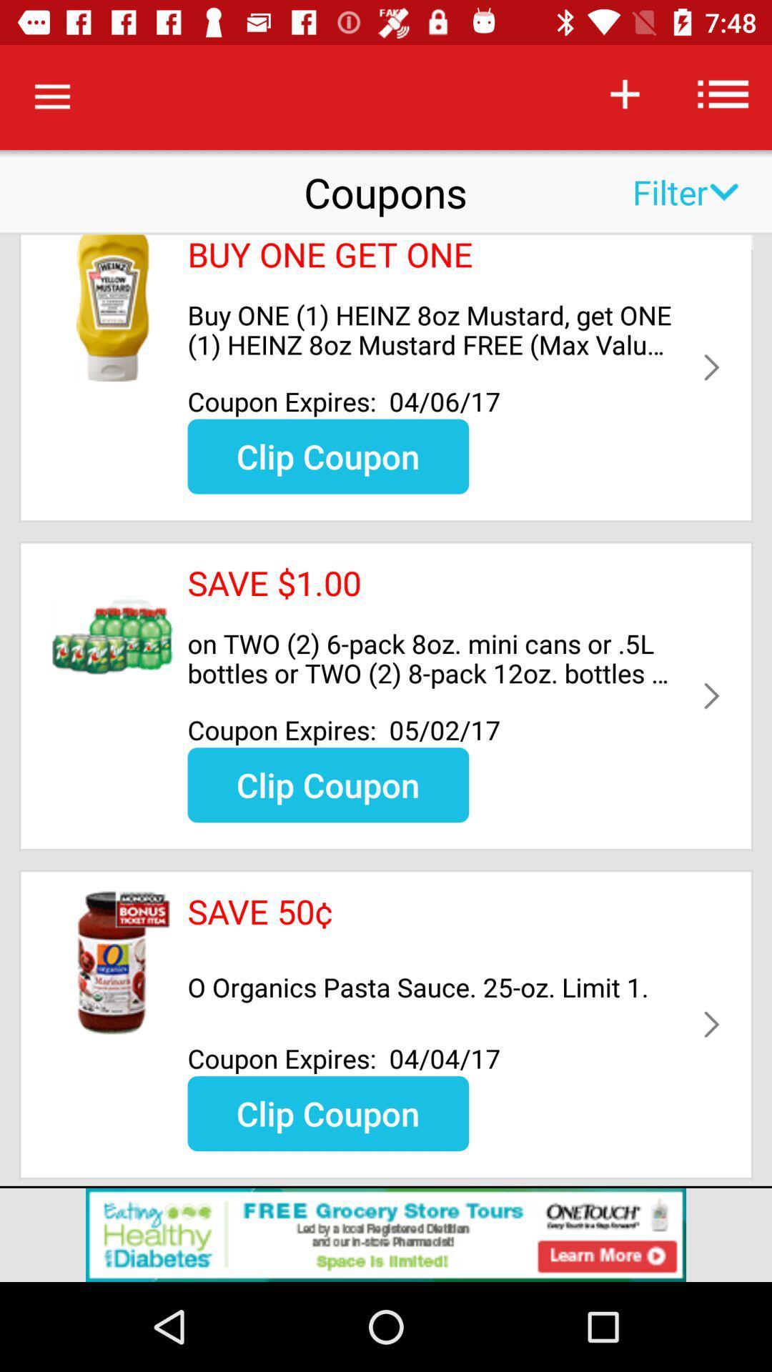 The height and width of the screenshot is (1372, 772). Describe the element at coordinates (386, 1234) in the screenshot. I see `advertisement` at that location.